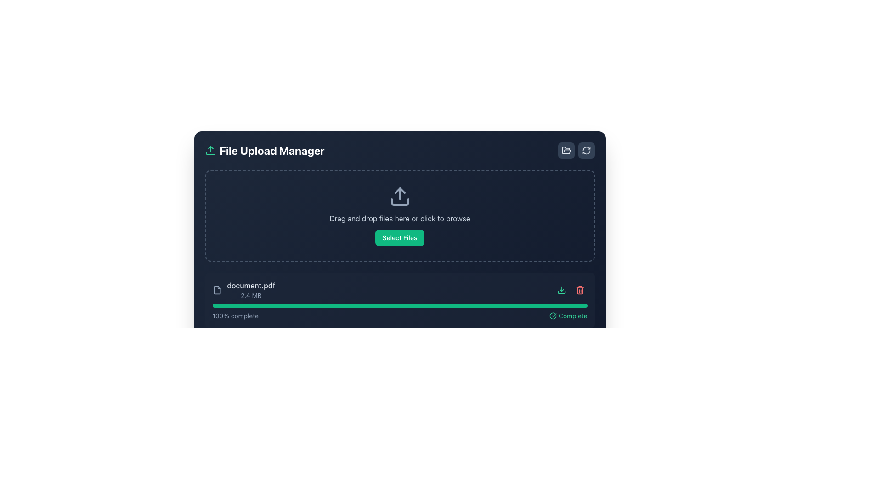  I want to click on the download button icon located at the bottom right corner of the file entry, so click(561, 290).